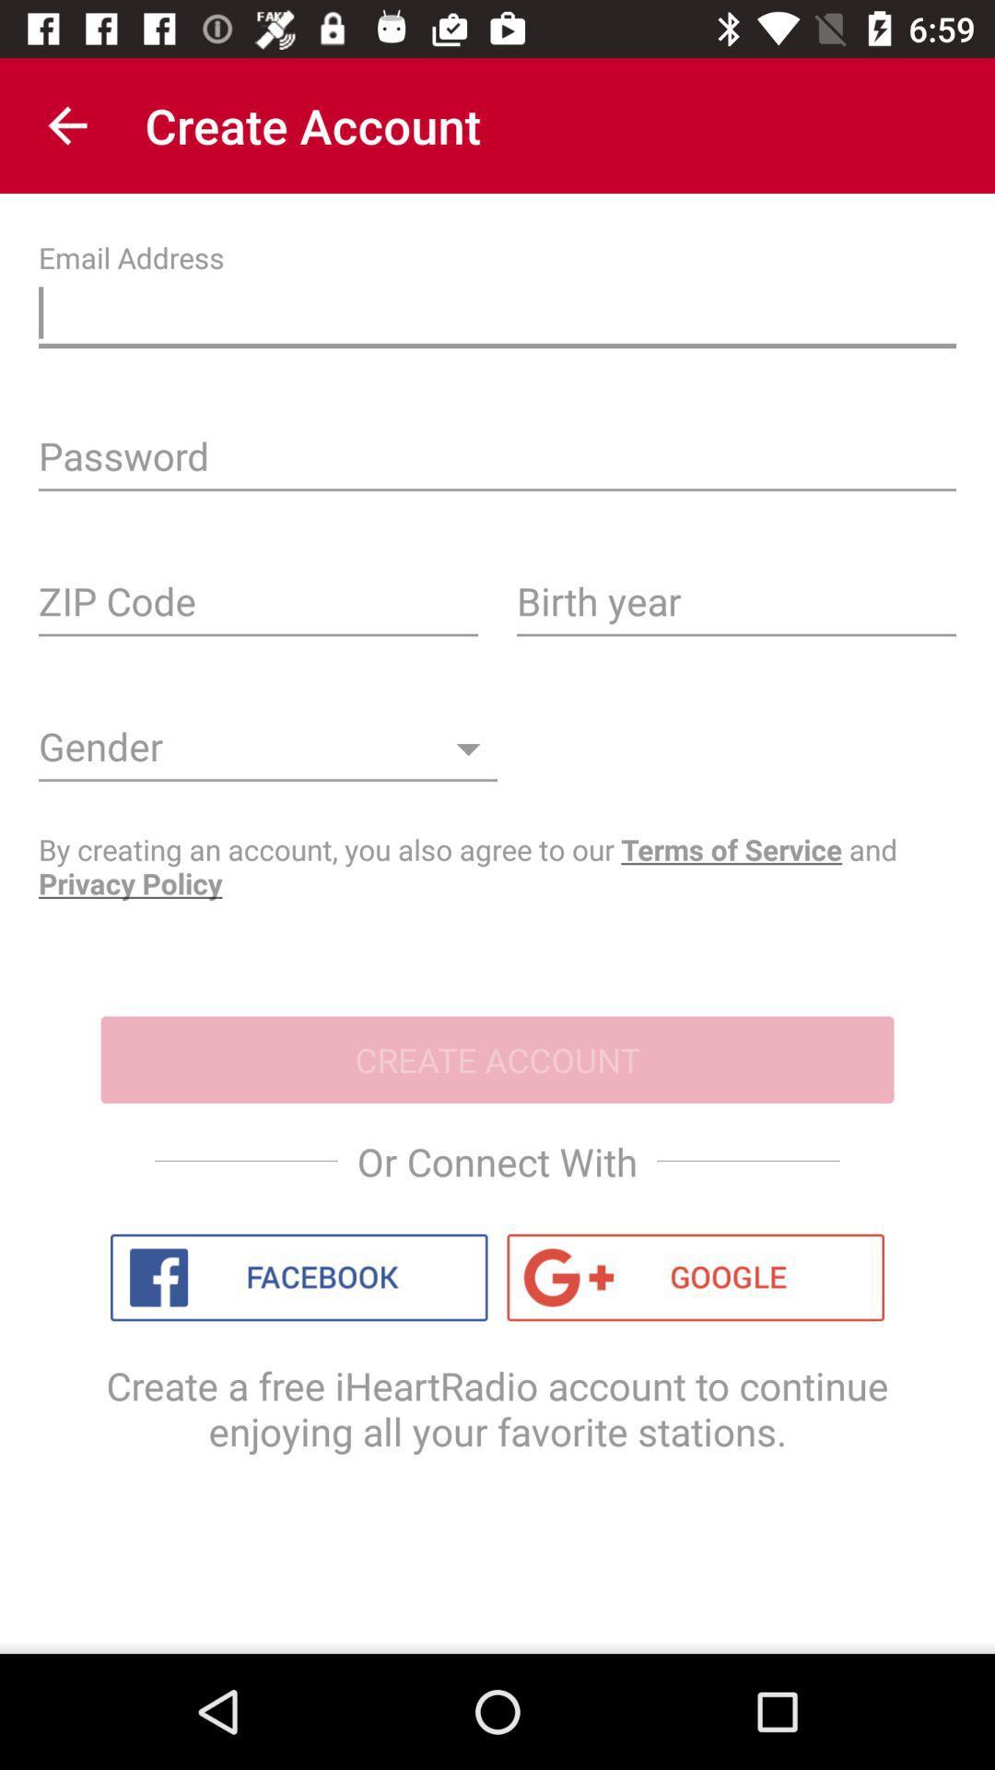  Describe the element at coordinates (735, 608) in the screenshot. I see `your birth year` at that location.